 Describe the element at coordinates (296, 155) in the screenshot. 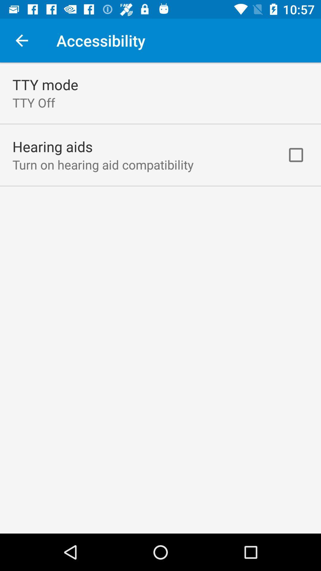

I see `item next to the turn on hearing item` at that location.